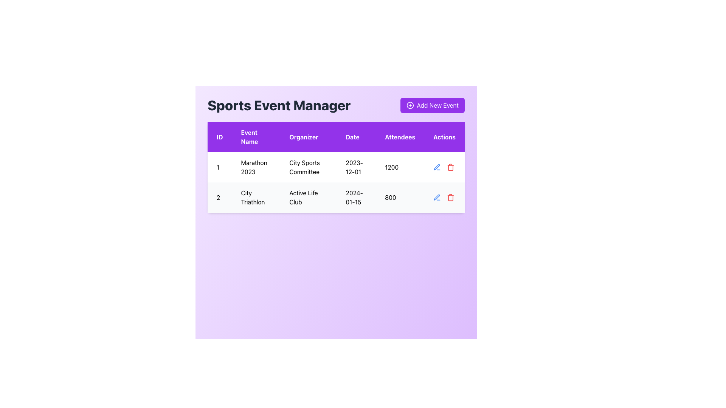  Describe the element at coordinates (356, 167) in the screenshot. I see `the text display component showing the date '2023-12-01' in the first row of the table under the 'Date' column` at that location.